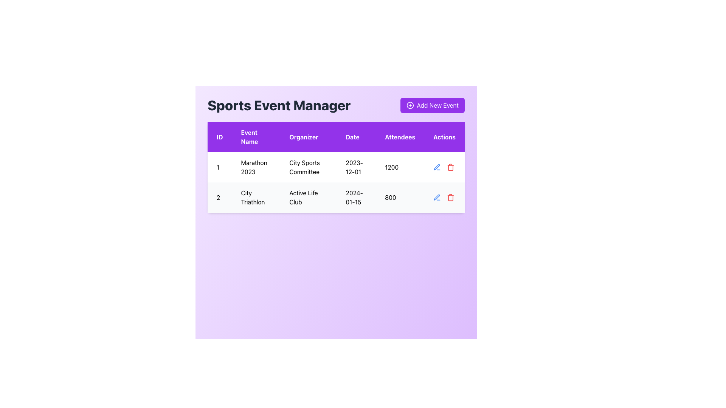  Describe the element at coordinates (356, 167) in the screenshot. I see `the text display component showing the date '2023-12-01' in the first row of the table under the 'Date' column` at that location.